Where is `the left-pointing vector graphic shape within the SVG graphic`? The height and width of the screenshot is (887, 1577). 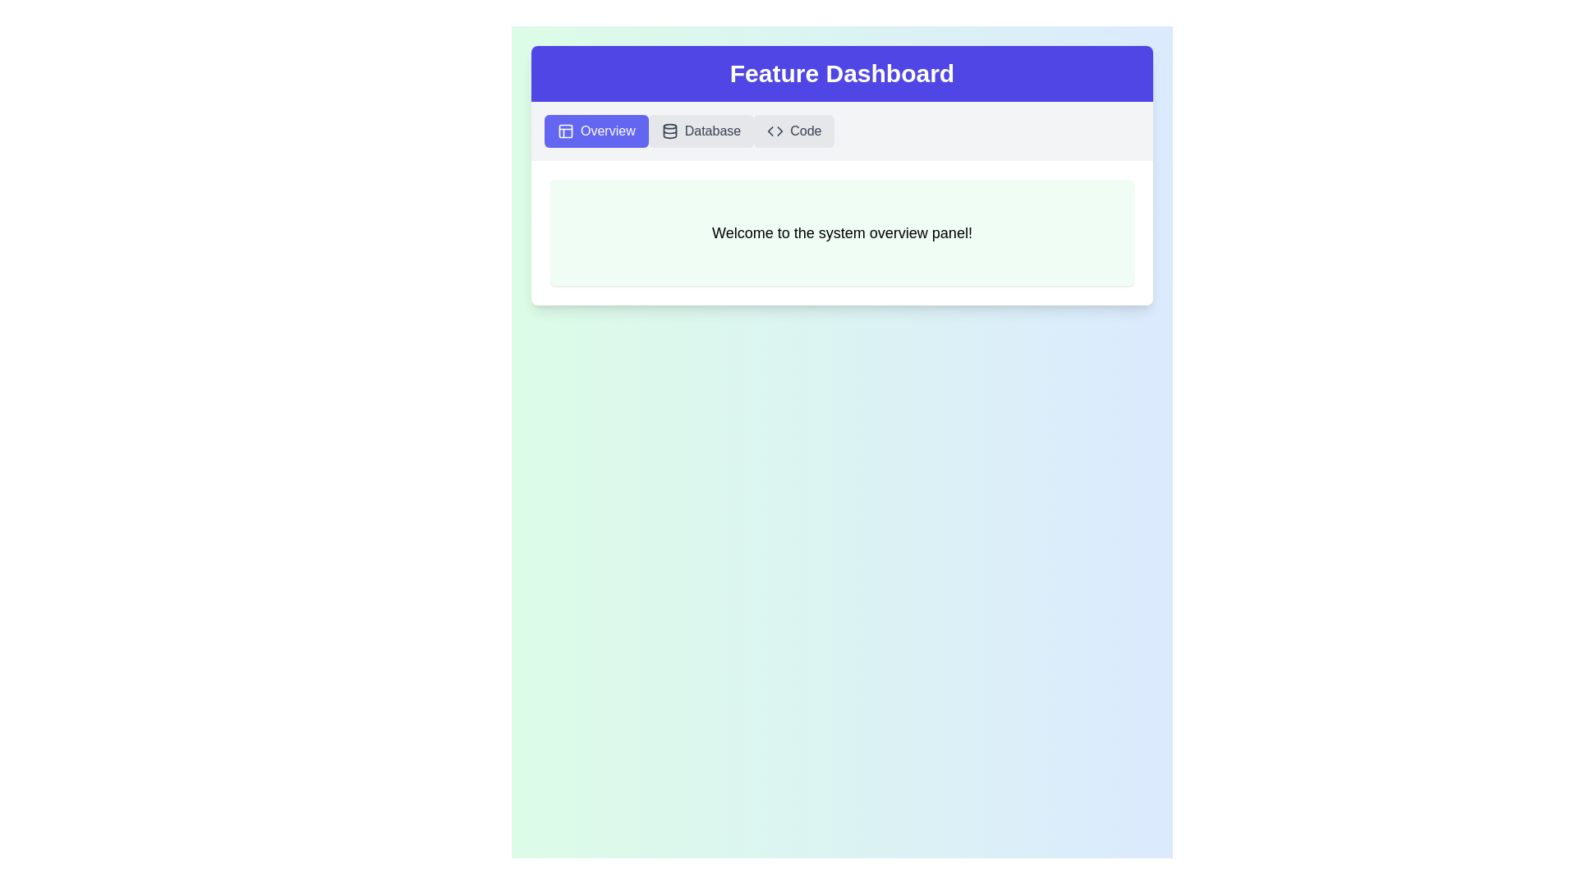
the left-pointing vector graphic shape within the SVG graphic is located at coordinates (769, 130).